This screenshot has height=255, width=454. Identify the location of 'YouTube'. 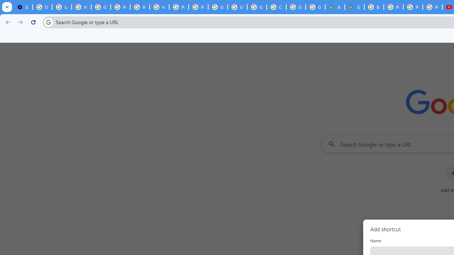
(140, 7).